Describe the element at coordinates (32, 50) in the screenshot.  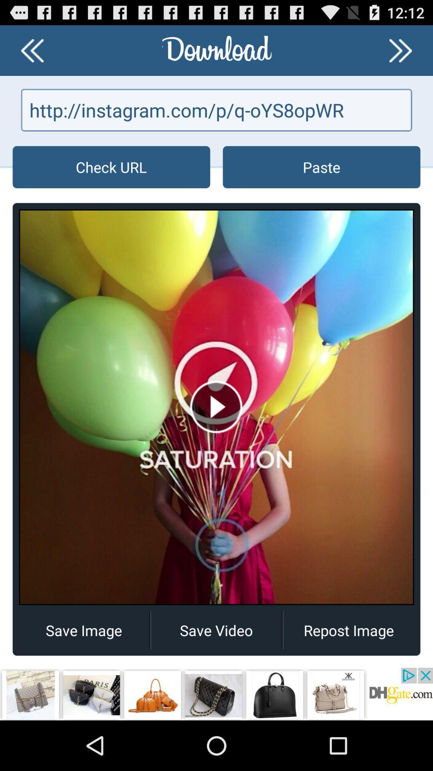
I see `go previous page` at that location.